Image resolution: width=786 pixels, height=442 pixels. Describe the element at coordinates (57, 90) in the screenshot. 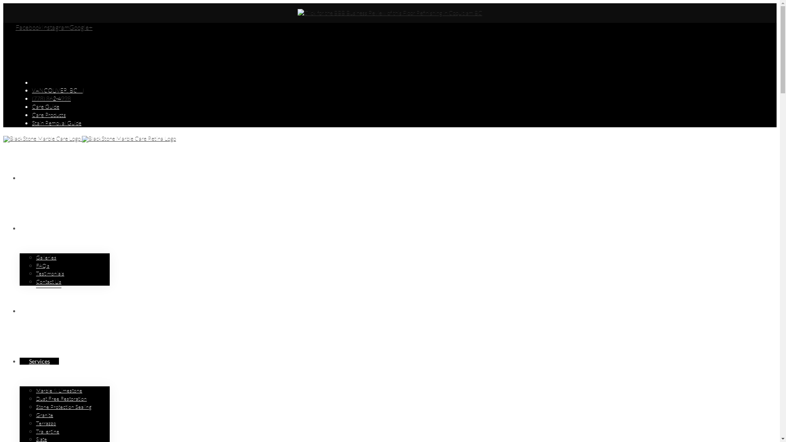

I see `'VANCOUVER, BC    |'` at that location.